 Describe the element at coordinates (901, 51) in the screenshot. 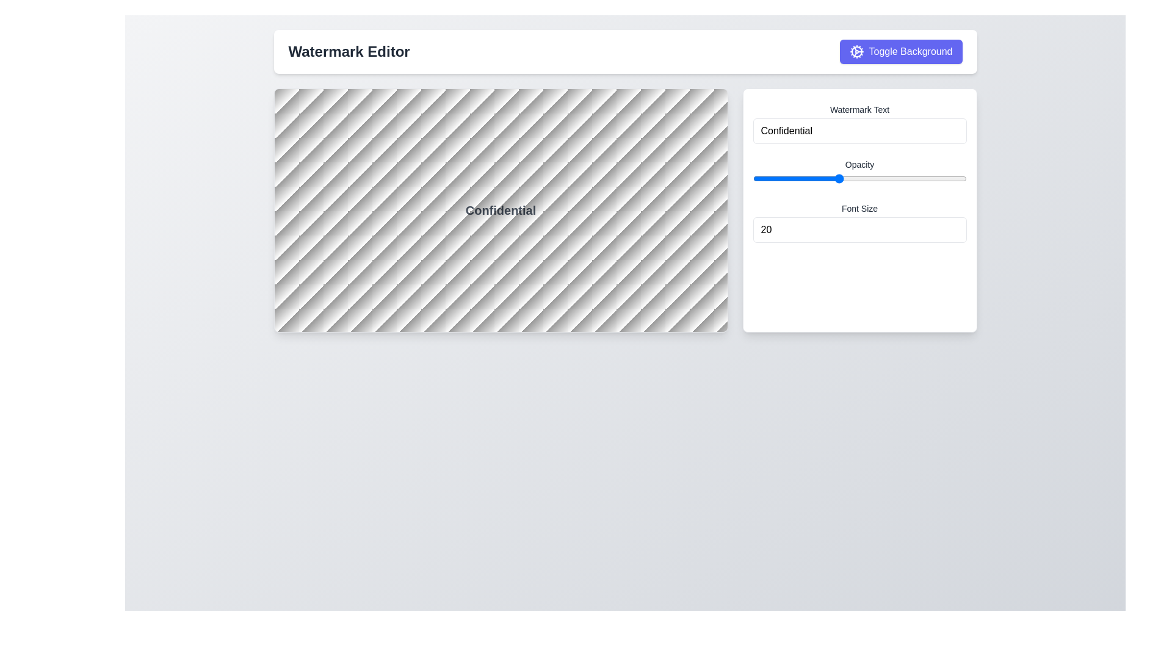

I see `the 'Toggle Background' button with a cogwheel icon, which has a purple background and white text` at that location.